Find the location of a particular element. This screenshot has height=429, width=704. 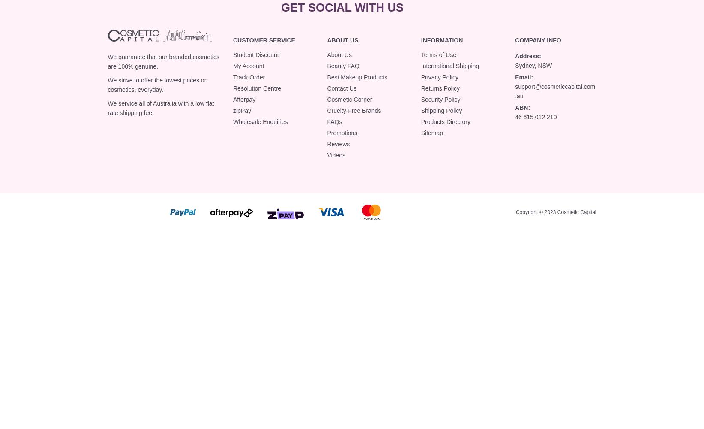

'ABOUT US' is located at coordinates (342, 39).